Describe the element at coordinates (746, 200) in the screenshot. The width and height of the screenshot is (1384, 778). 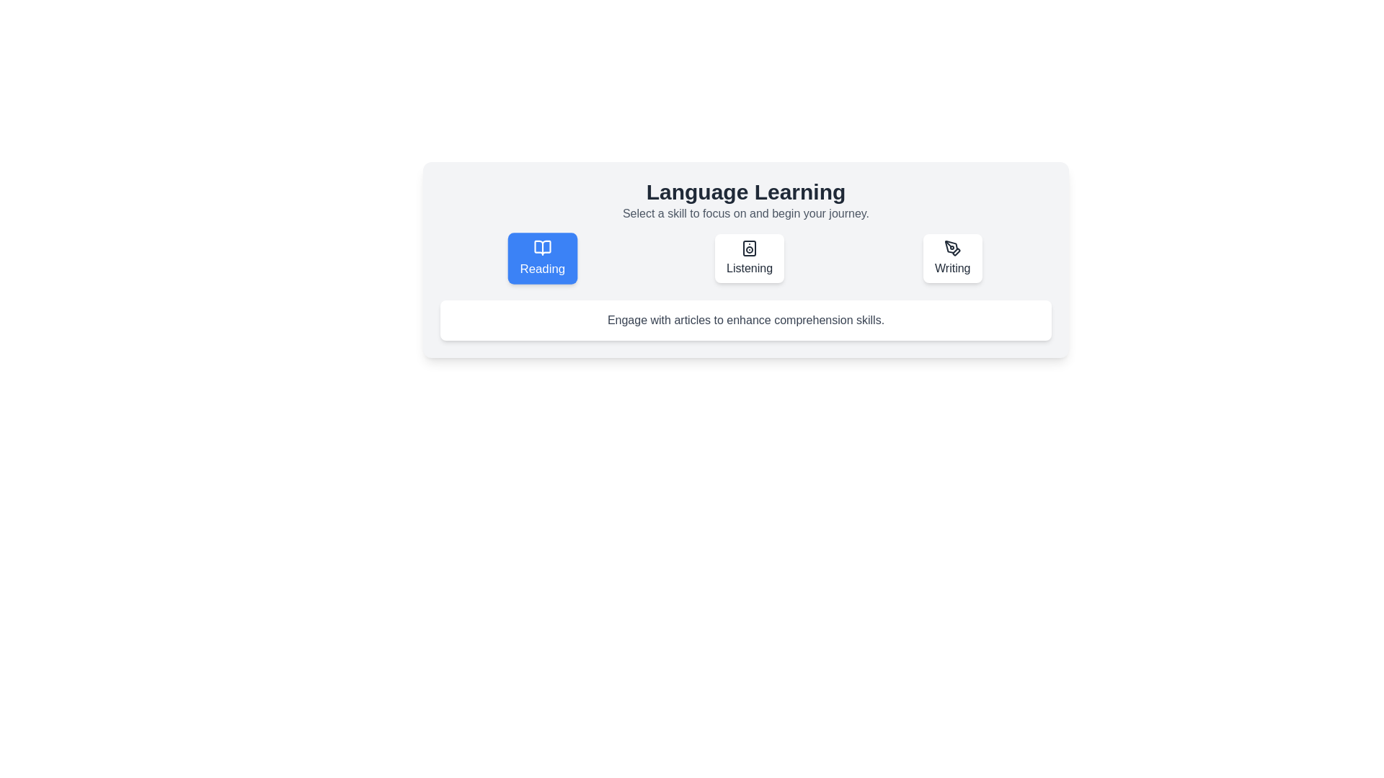
I see `the static text block that introduces the user to the concept of the interface, stating 'Language Learning' and providing the instruction 'Select a skill to focus on and begin your journey'` at that location.